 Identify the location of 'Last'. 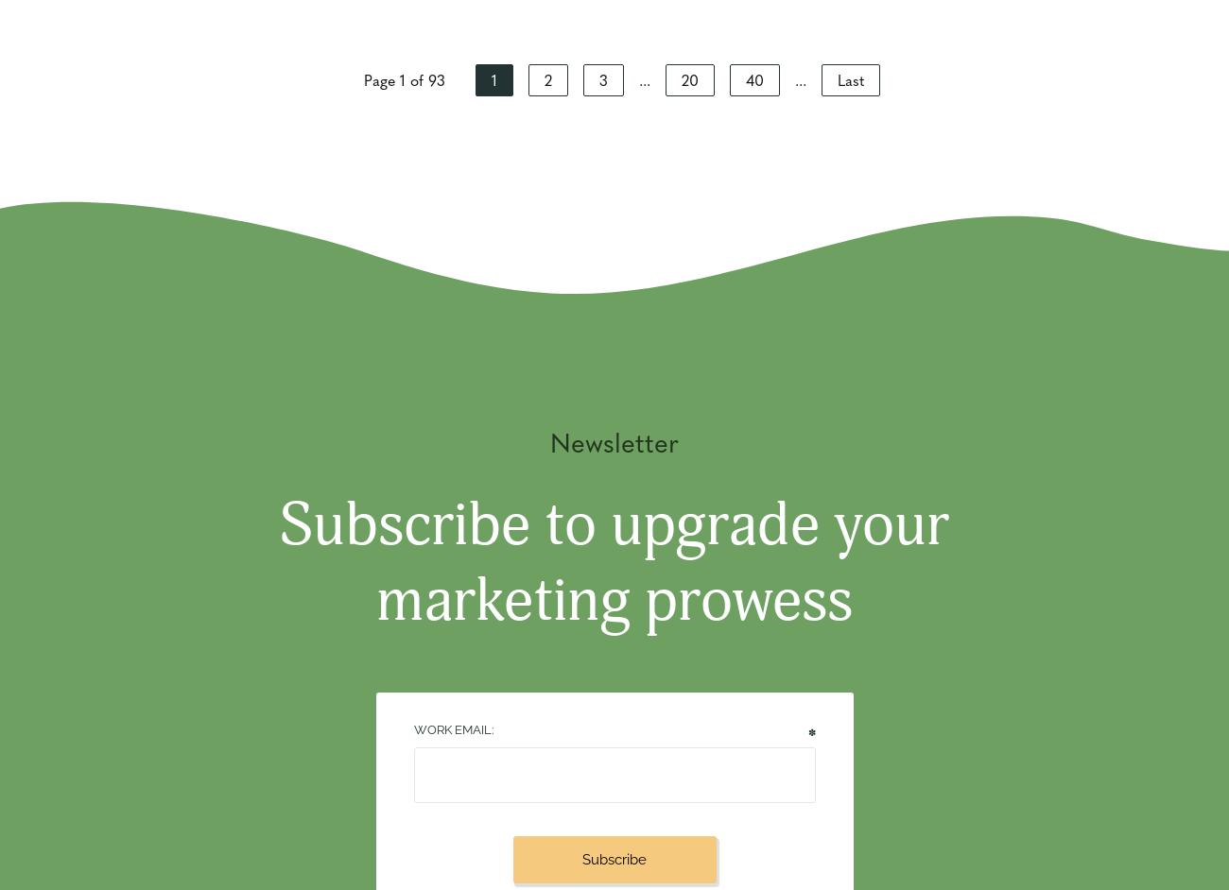
(849, 78).